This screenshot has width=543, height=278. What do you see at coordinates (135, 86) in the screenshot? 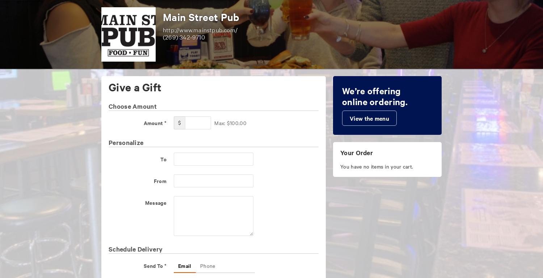
I see `'Give a Gift'` at bounding box center [135, 86].